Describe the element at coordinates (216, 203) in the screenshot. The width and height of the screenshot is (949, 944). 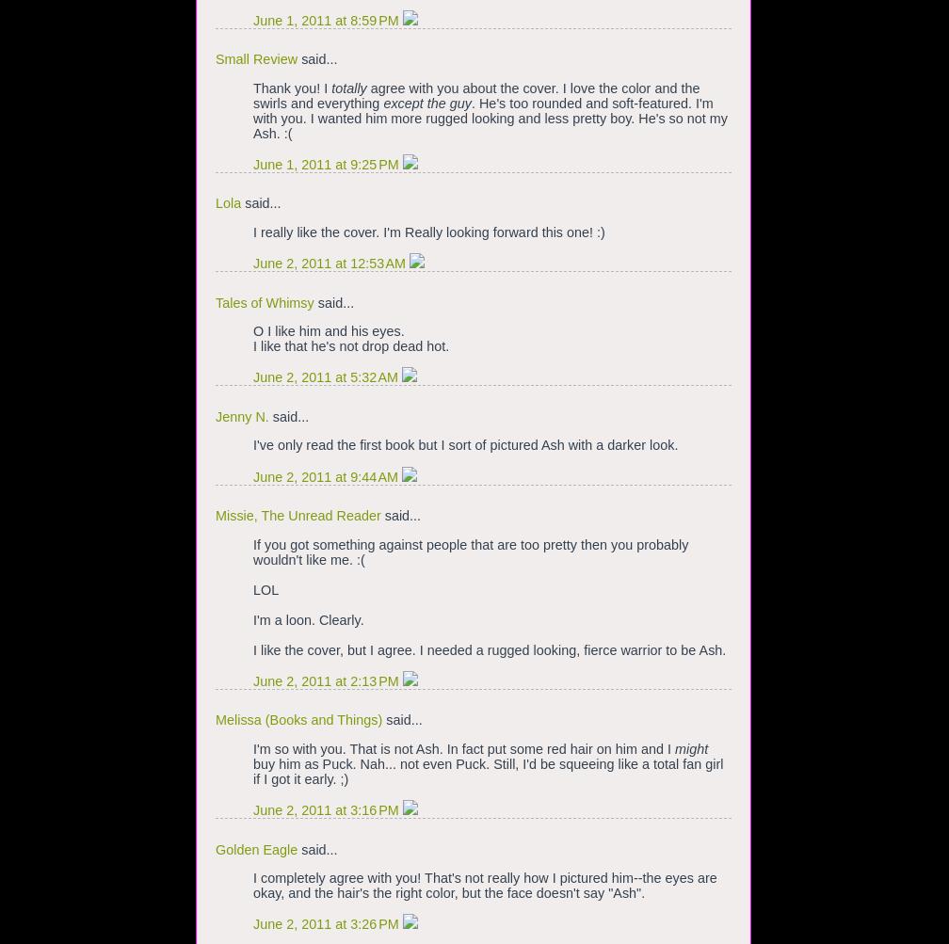
I see `'Lola'` at that location.